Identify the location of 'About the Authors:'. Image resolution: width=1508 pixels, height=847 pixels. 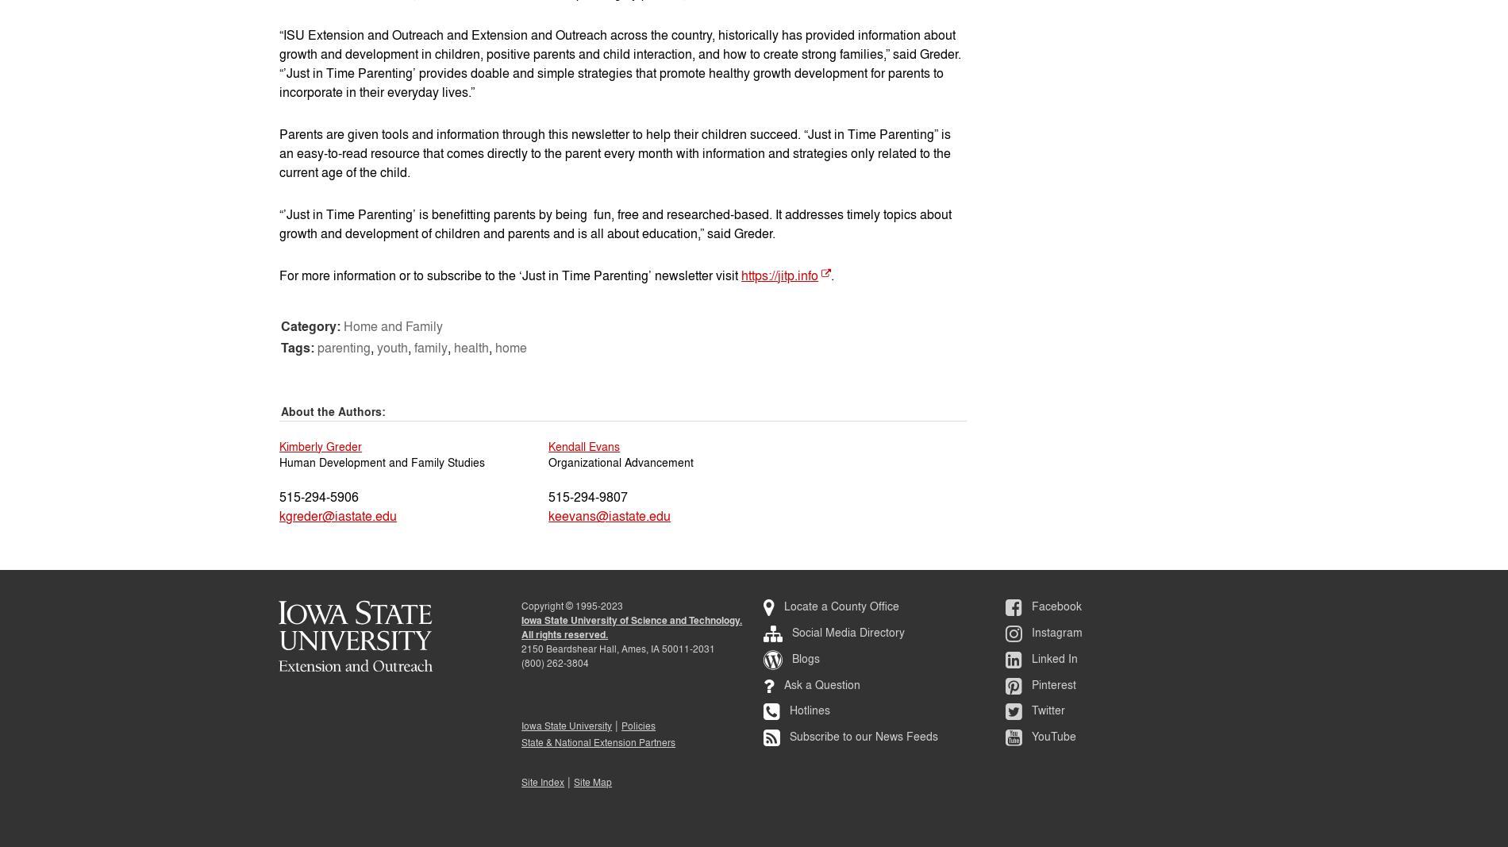
(333, 410).